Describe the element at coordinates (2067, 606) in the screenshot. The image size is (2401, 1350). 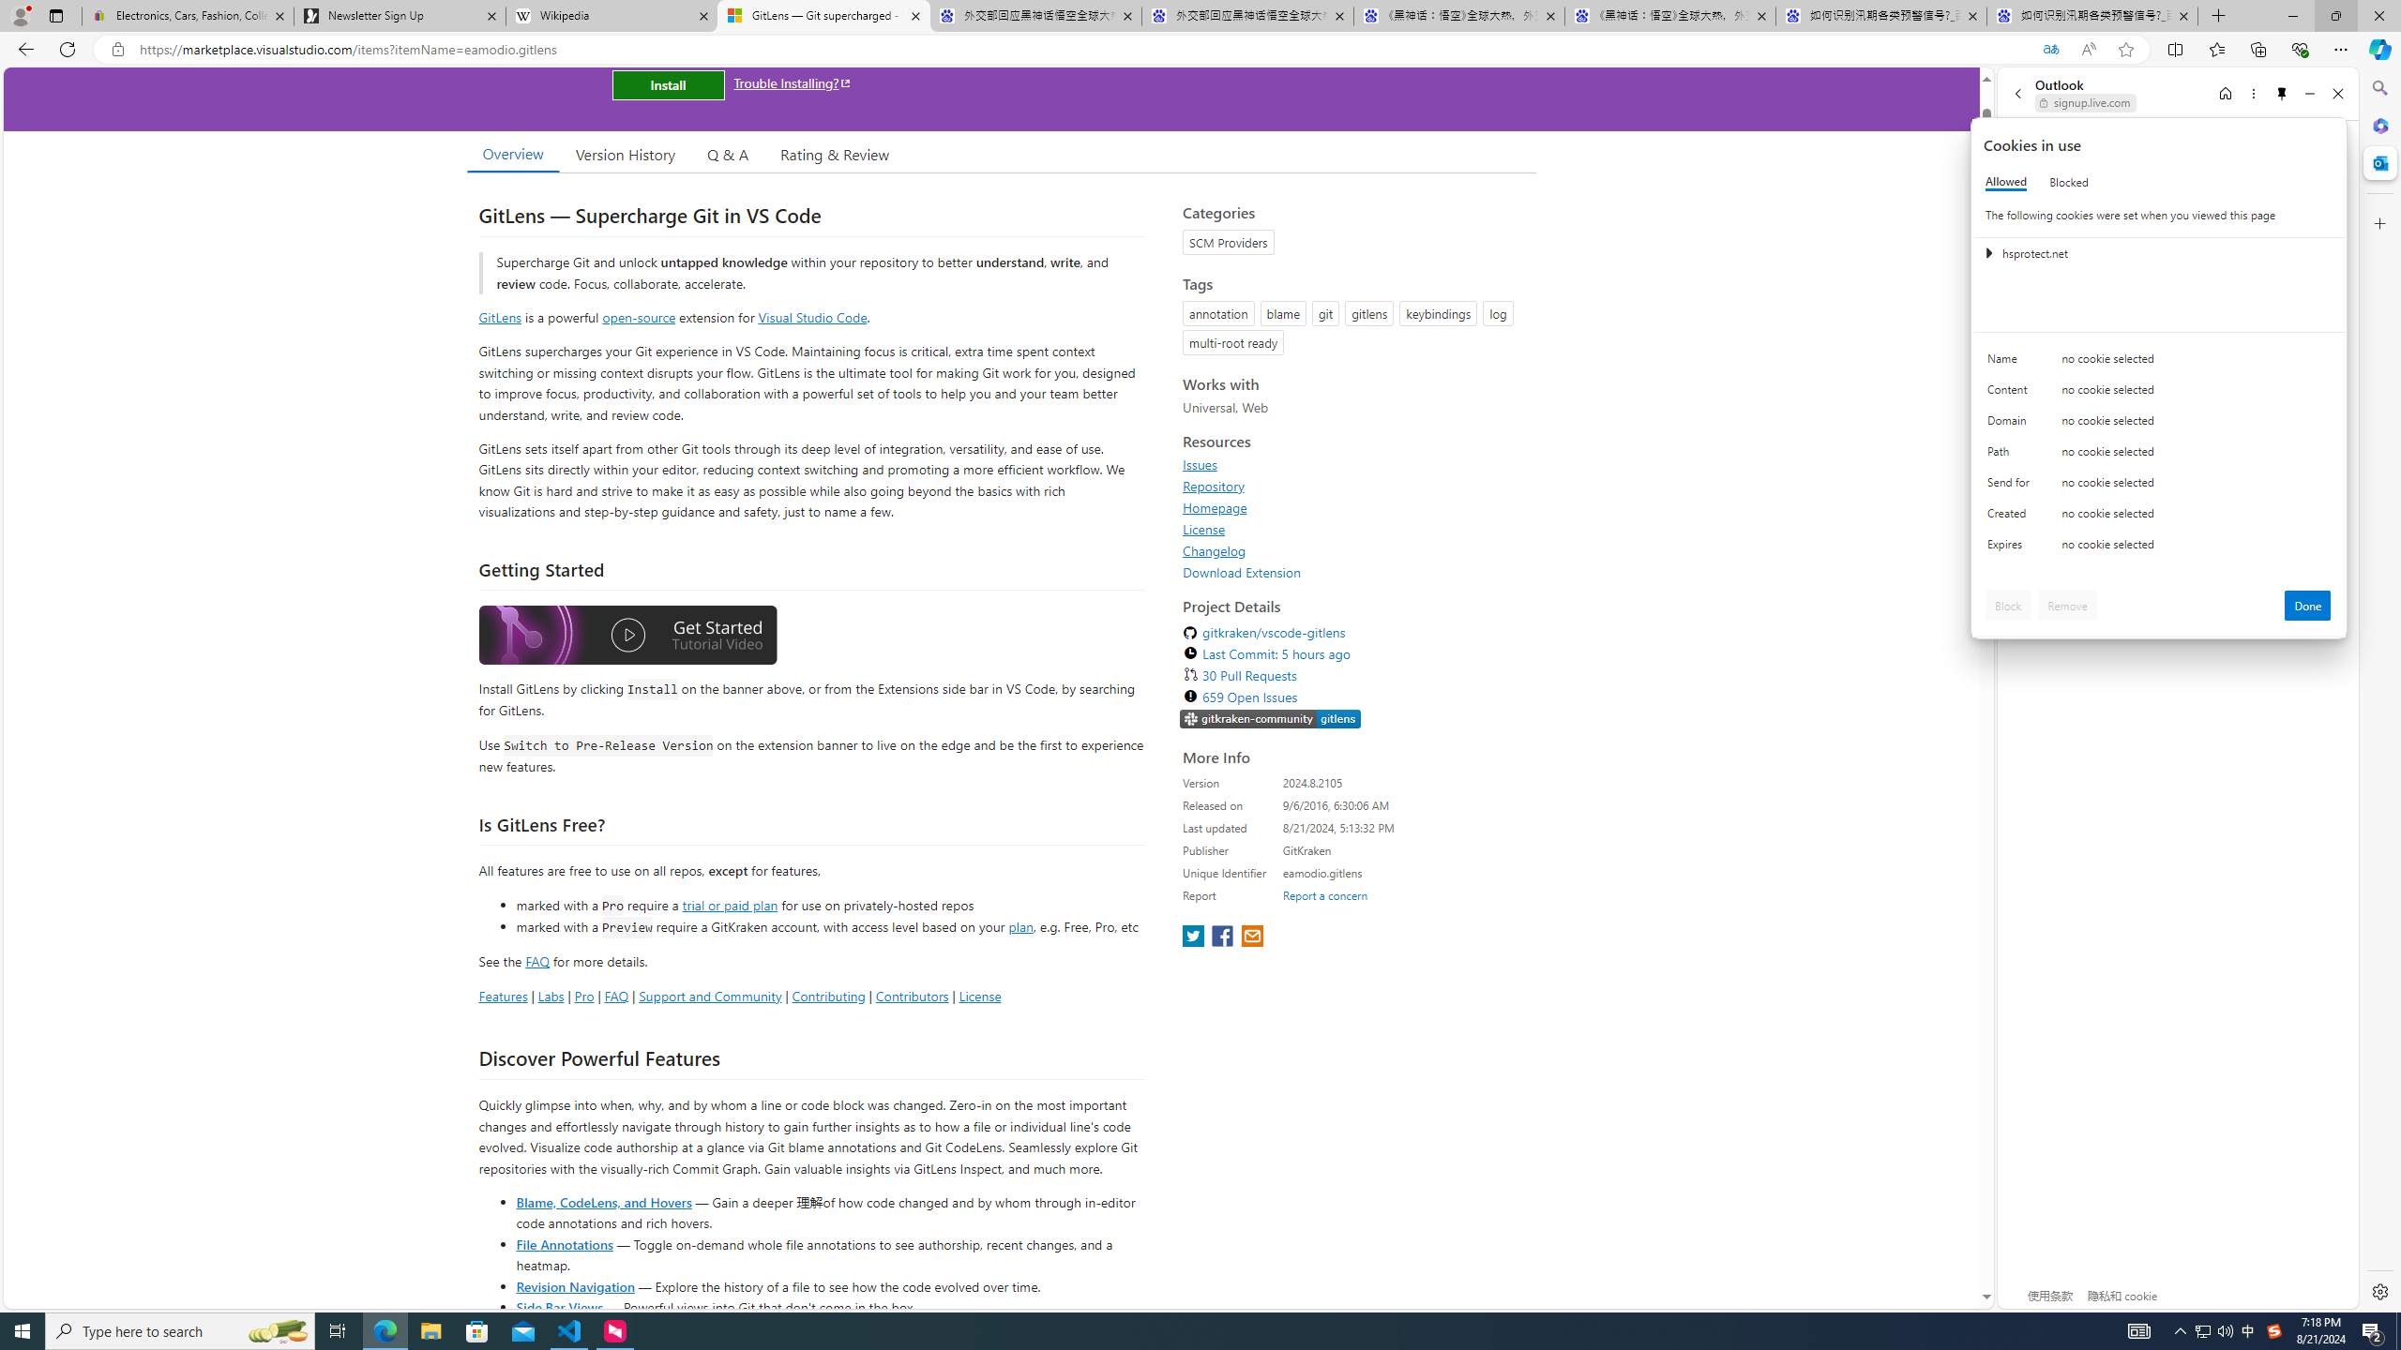
I see `'Remove'` at that location.